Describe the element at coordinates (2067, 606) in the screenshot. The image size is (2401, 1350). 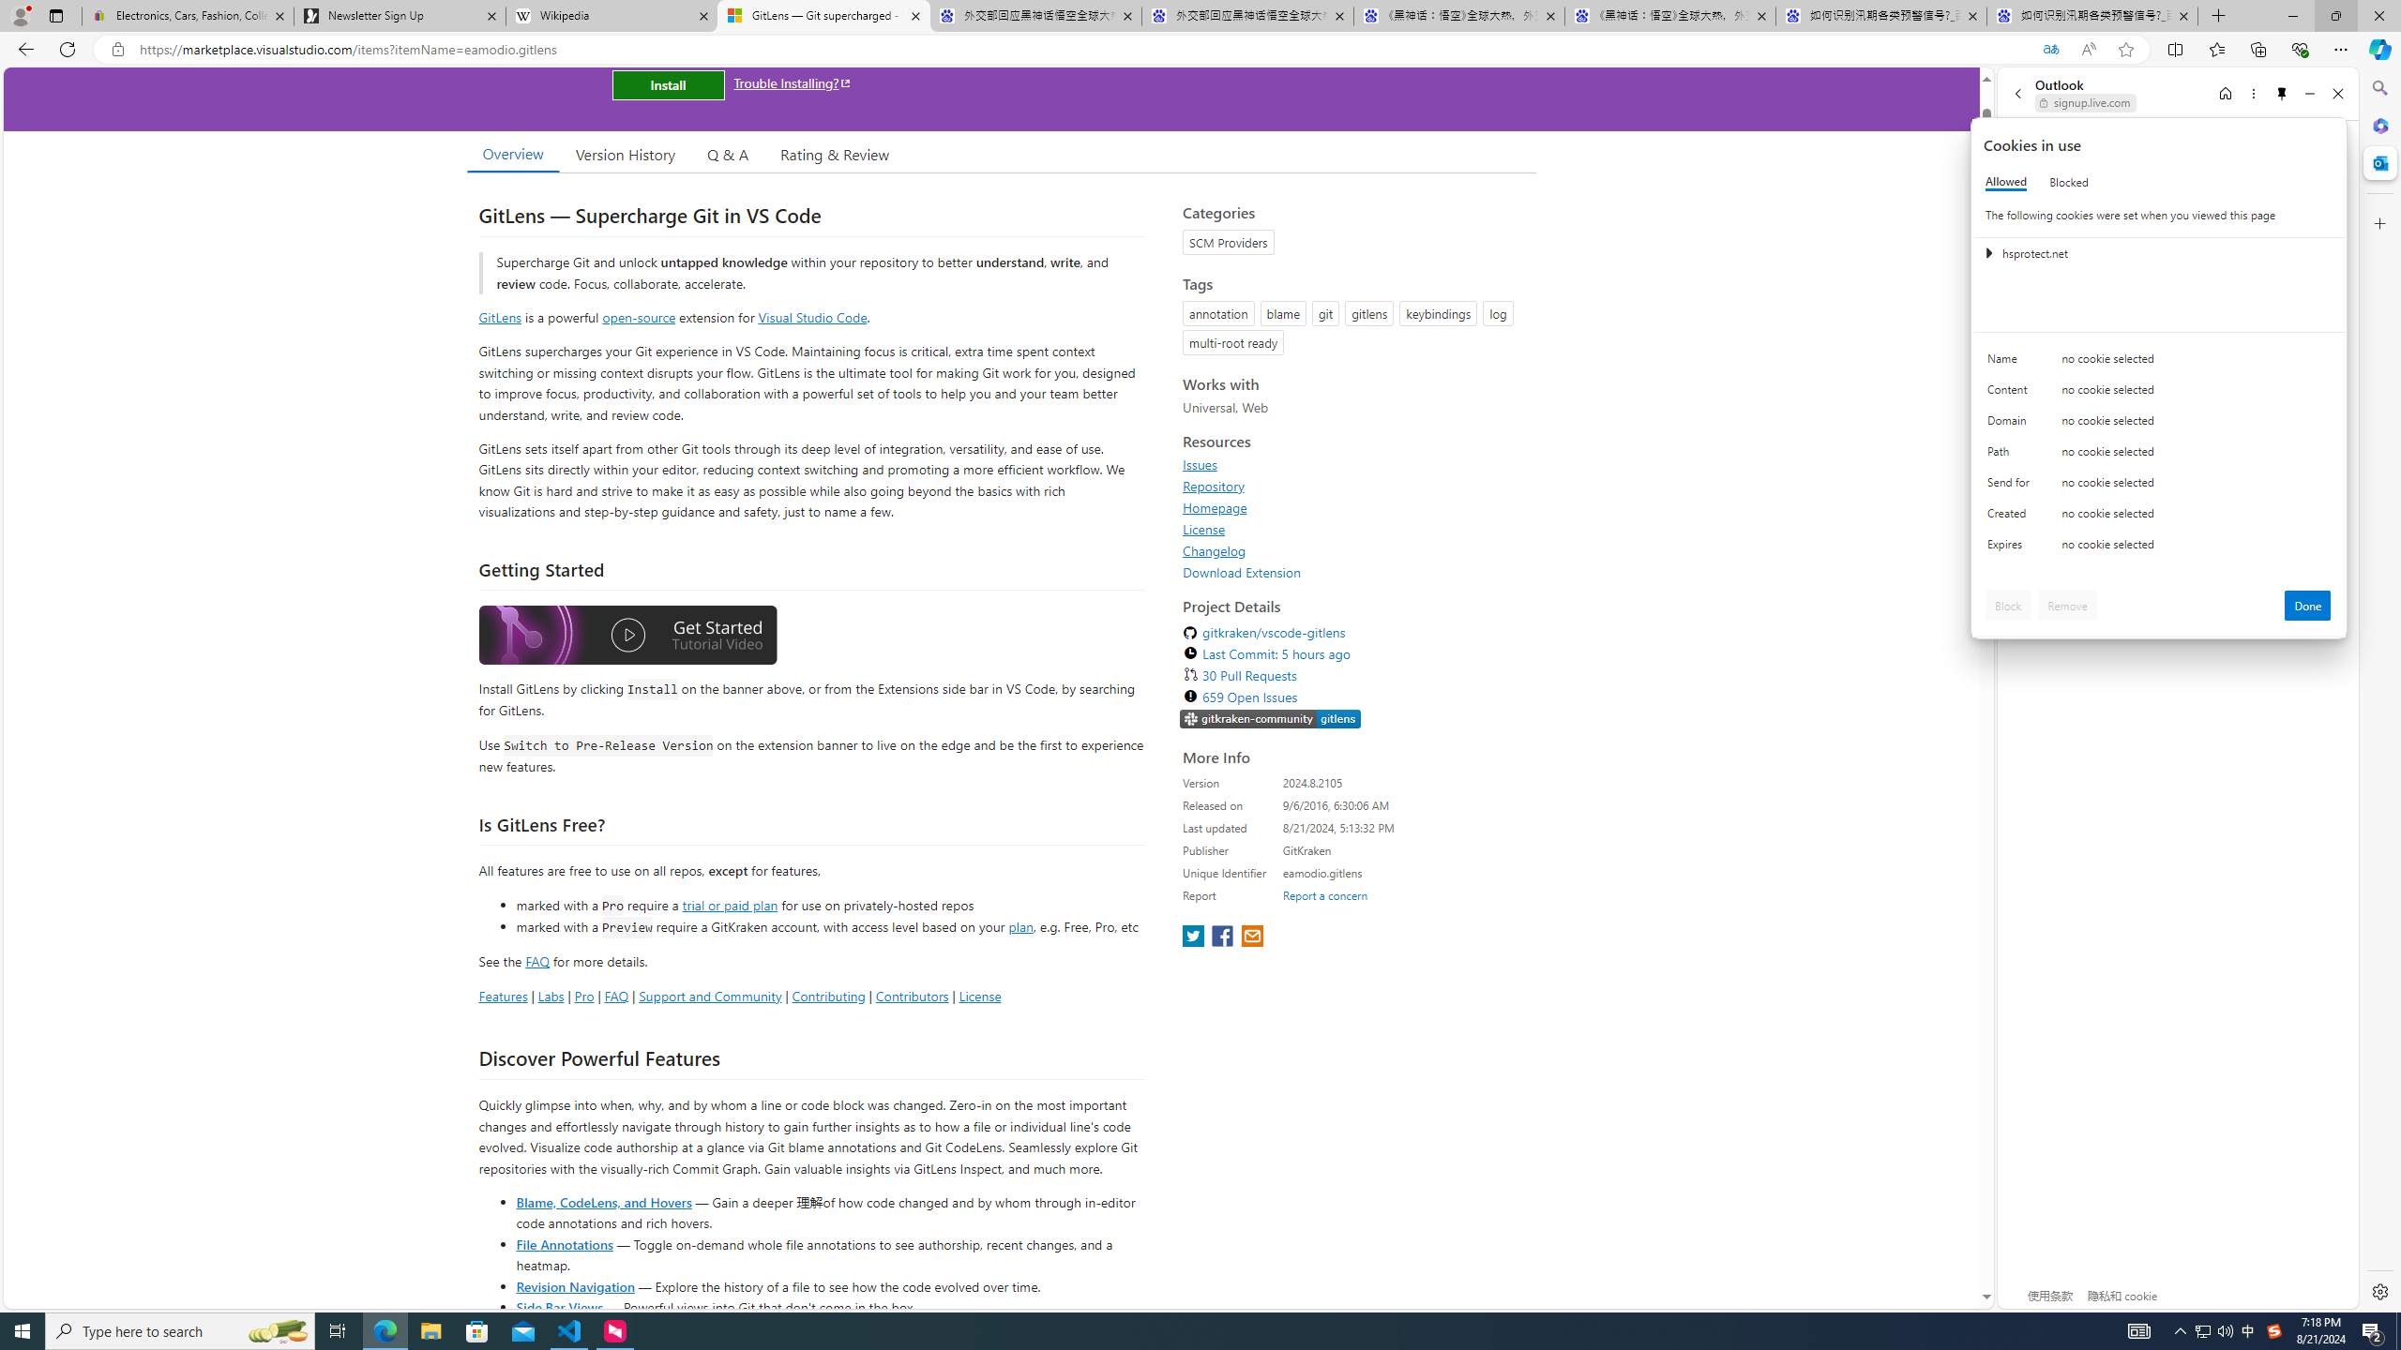
I see `'Remove'` at that location.